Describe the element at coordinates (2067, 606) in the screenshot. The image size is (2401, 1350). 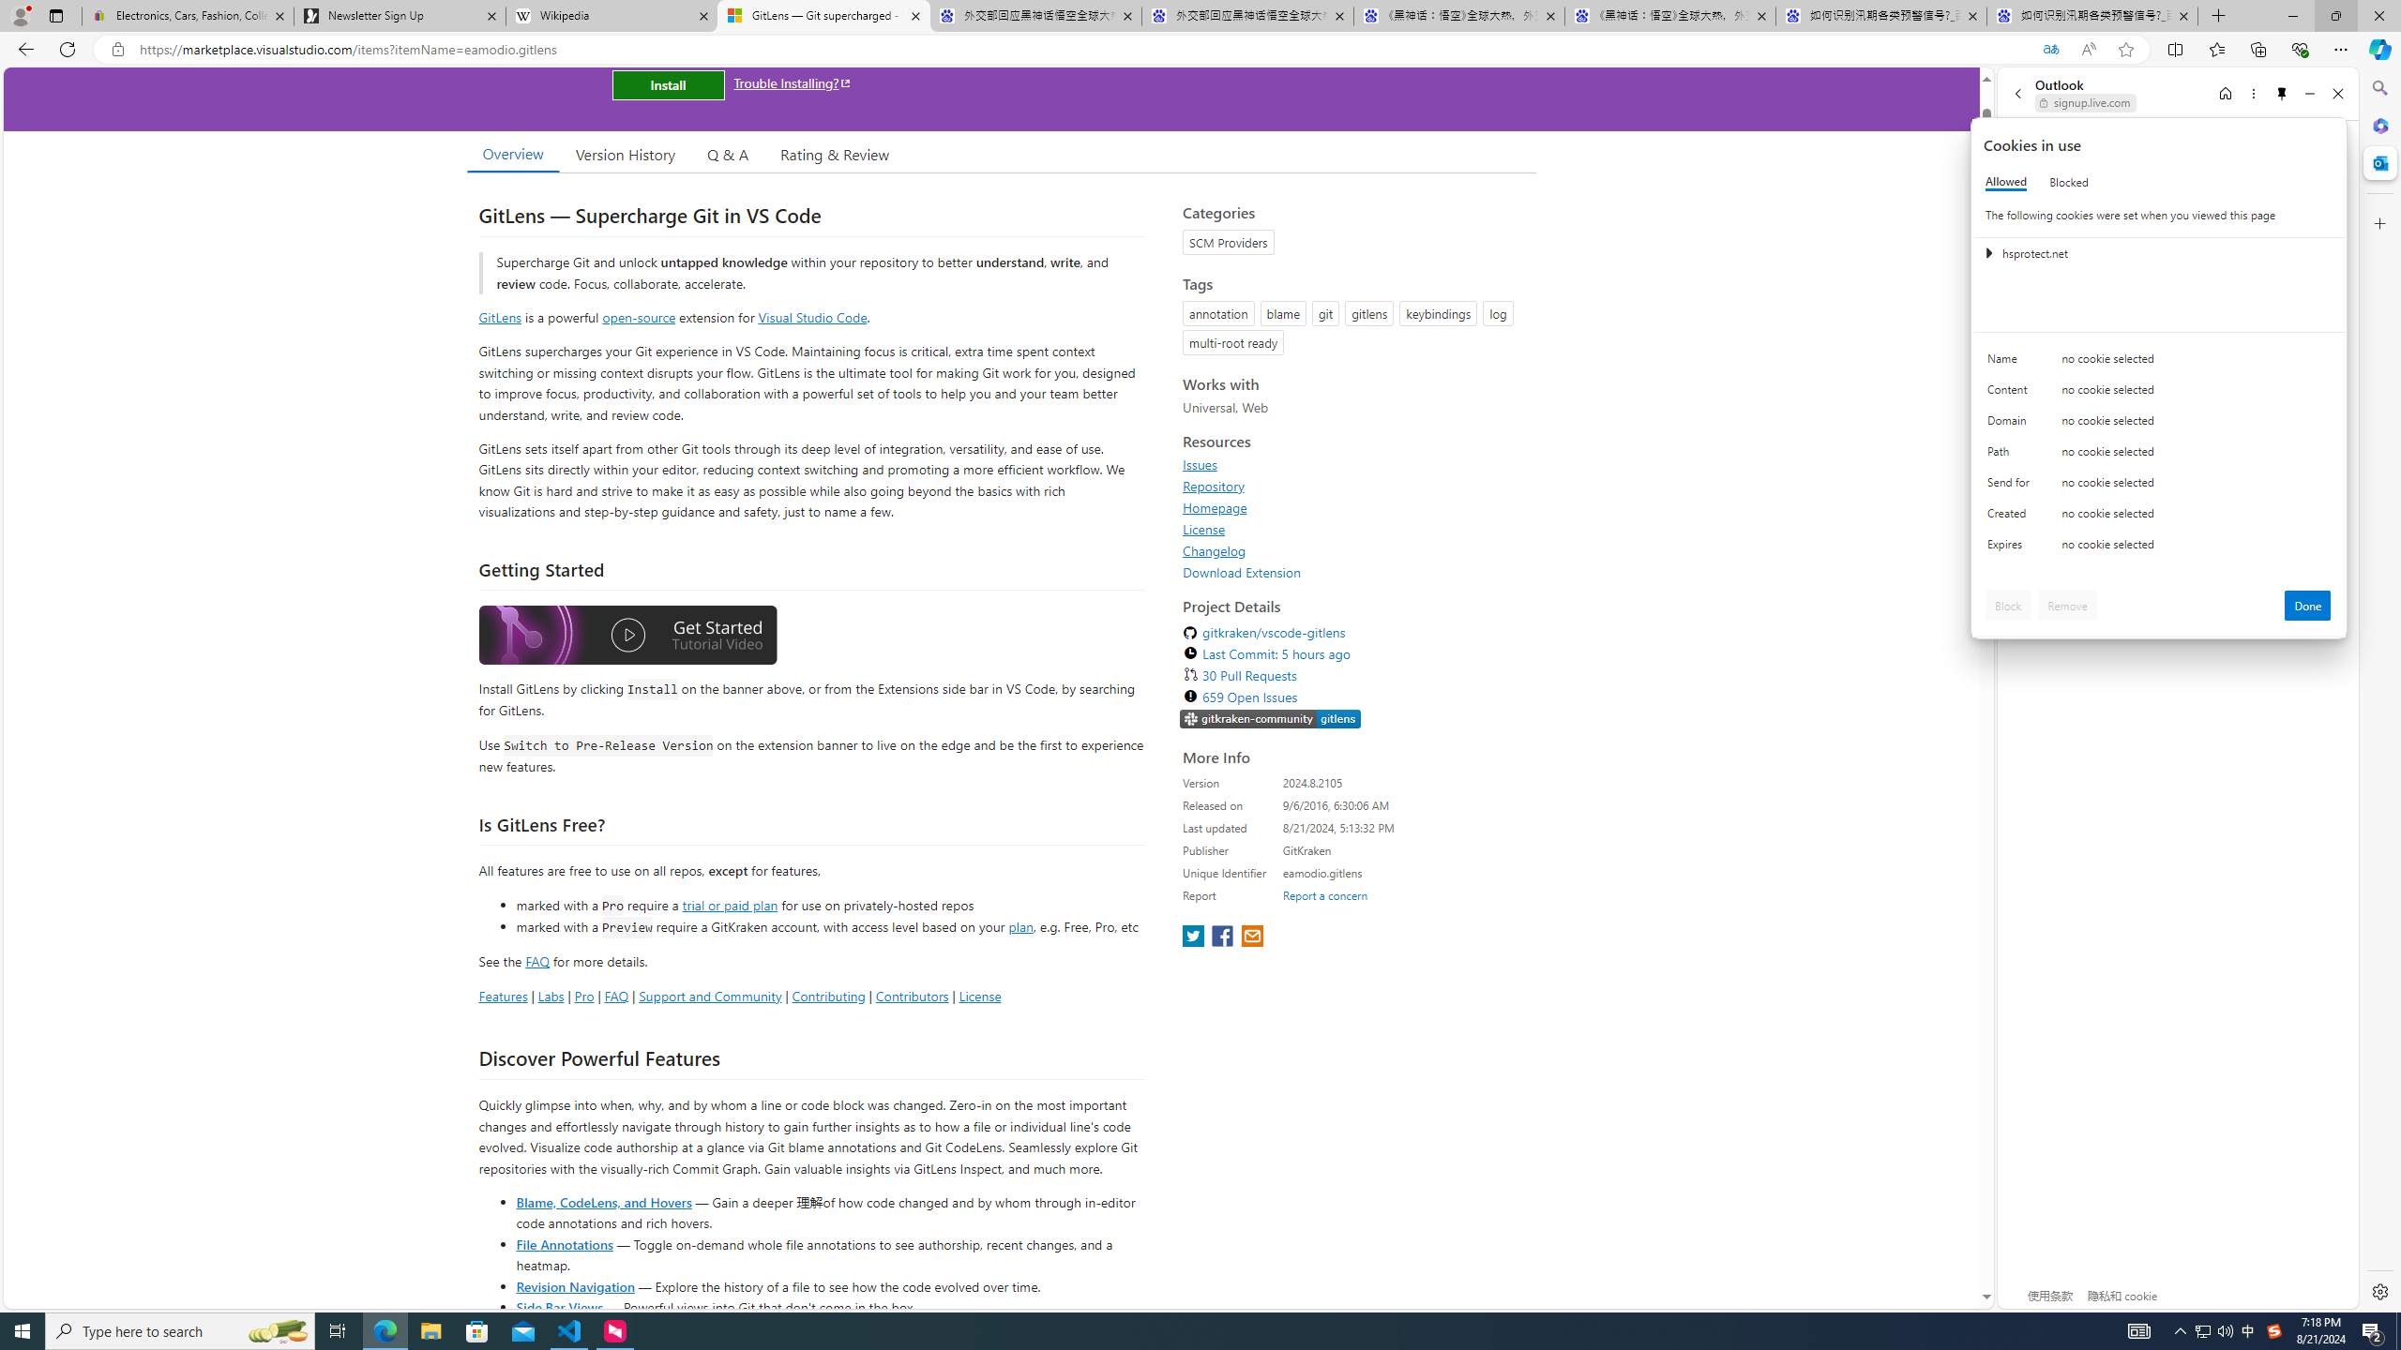
I see `'Remove'` at that location.